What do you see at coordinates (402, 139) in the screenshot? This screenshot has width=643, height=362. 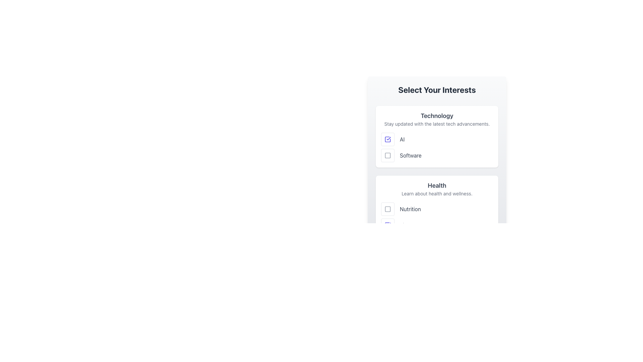 I see `the Plain text label that indicates the functionality of the checkbox in the 'Technology' subsection under 'Select Your Interests'` at bounding box center [402, 139].